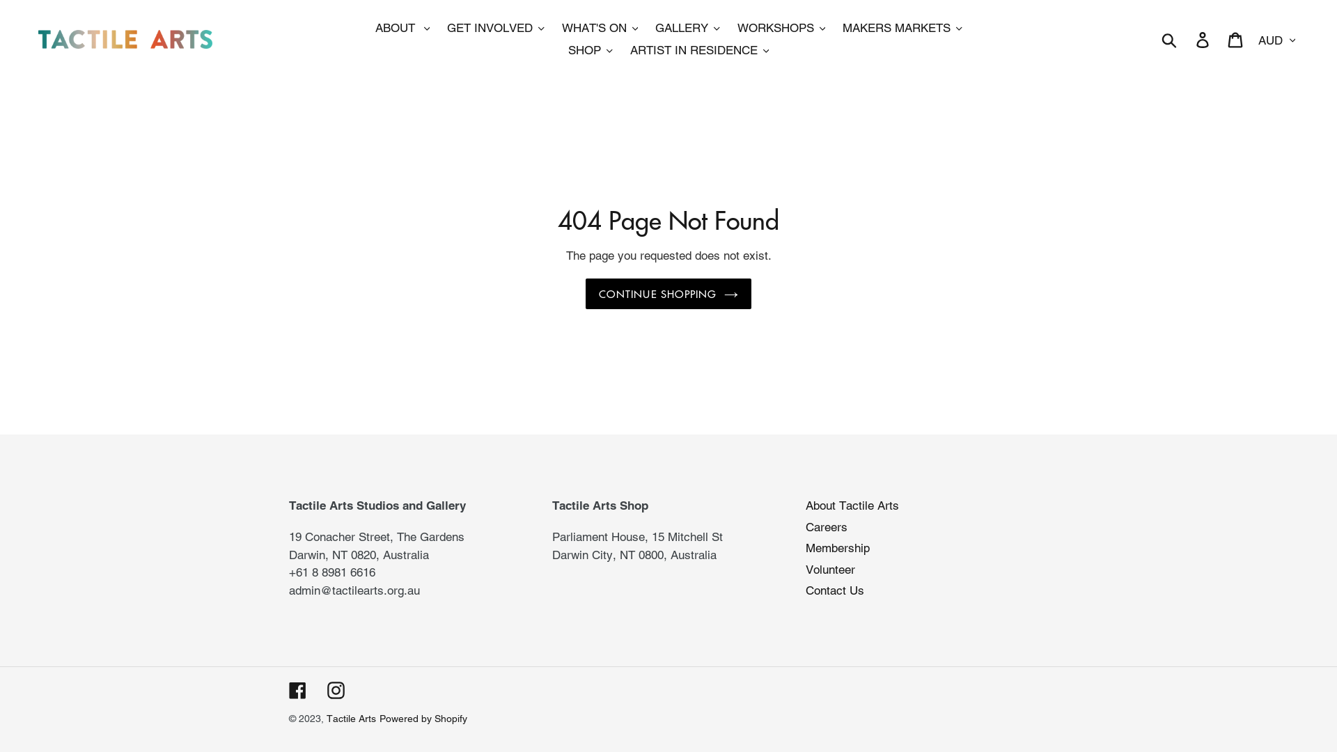 This screenshot has height=752, width=1337. What do you see at coordinates (1186, 39) in the screenshot?
I see `'Log in'` at bounding box center [1186, 39].